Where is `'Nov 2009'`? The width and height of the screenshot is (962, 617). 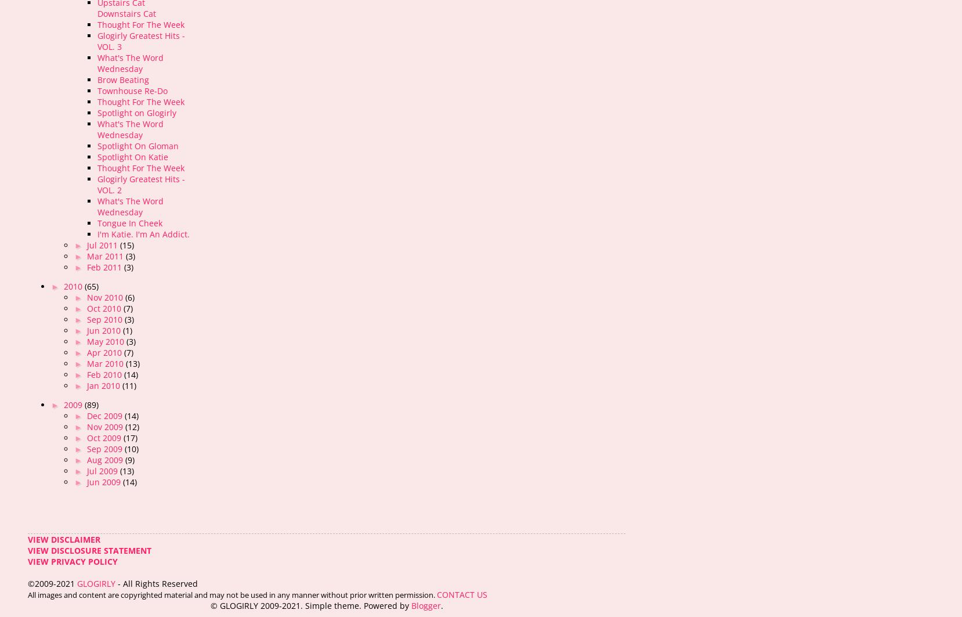
'Nov 2009' is located at coordinates (106, 426).